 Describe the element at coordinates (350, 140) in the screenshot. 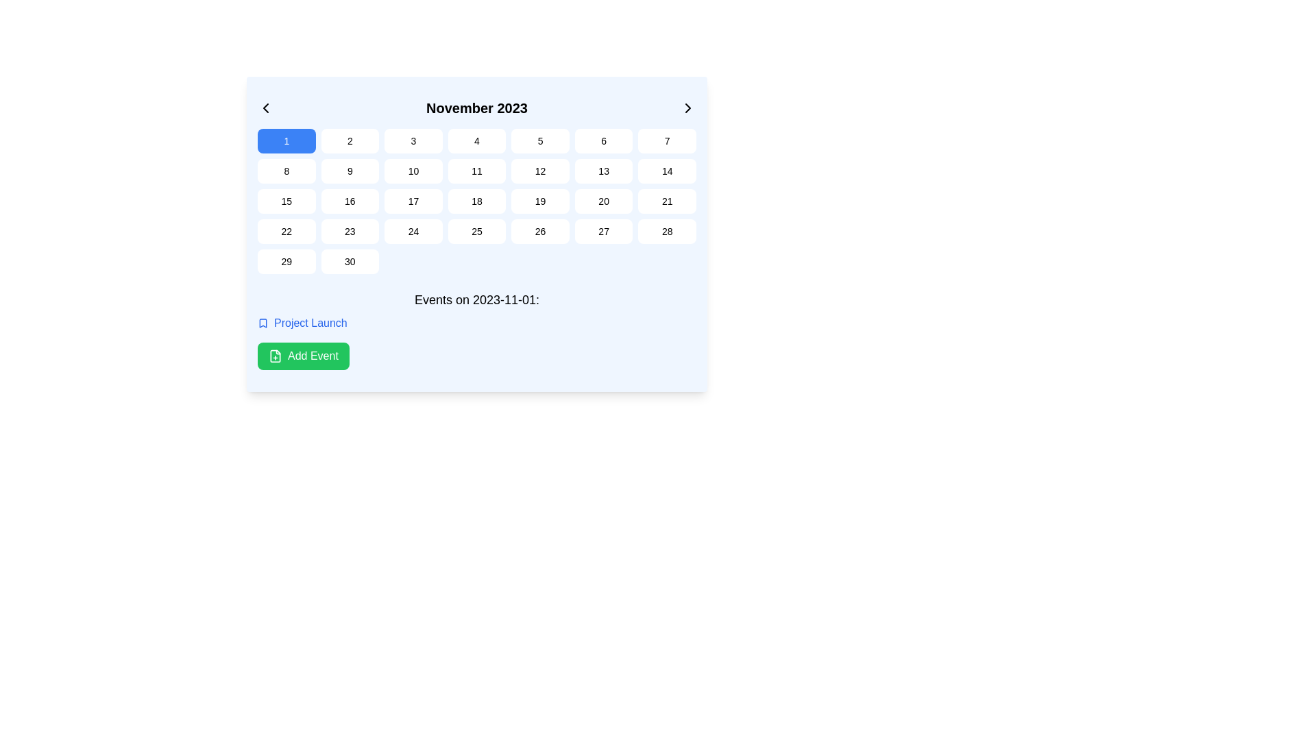

I see `the button labeled '2' in the calendar layout` at that location.